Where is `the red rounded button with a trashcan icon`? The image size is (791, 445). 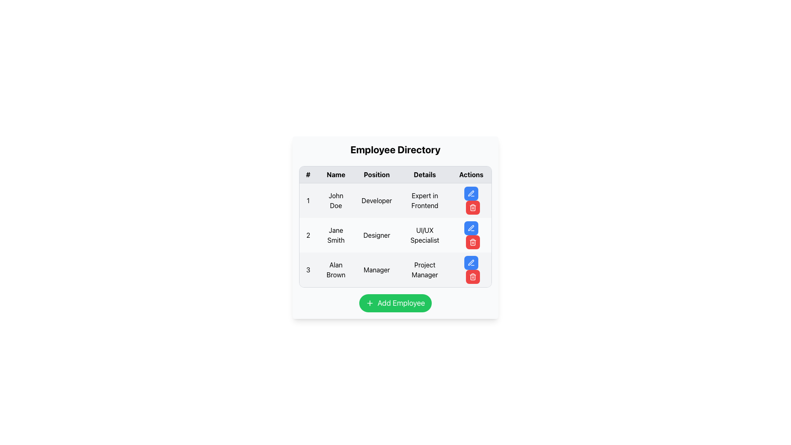
the red rounded button with a trashcan icon is located at coordinates (471, 200).